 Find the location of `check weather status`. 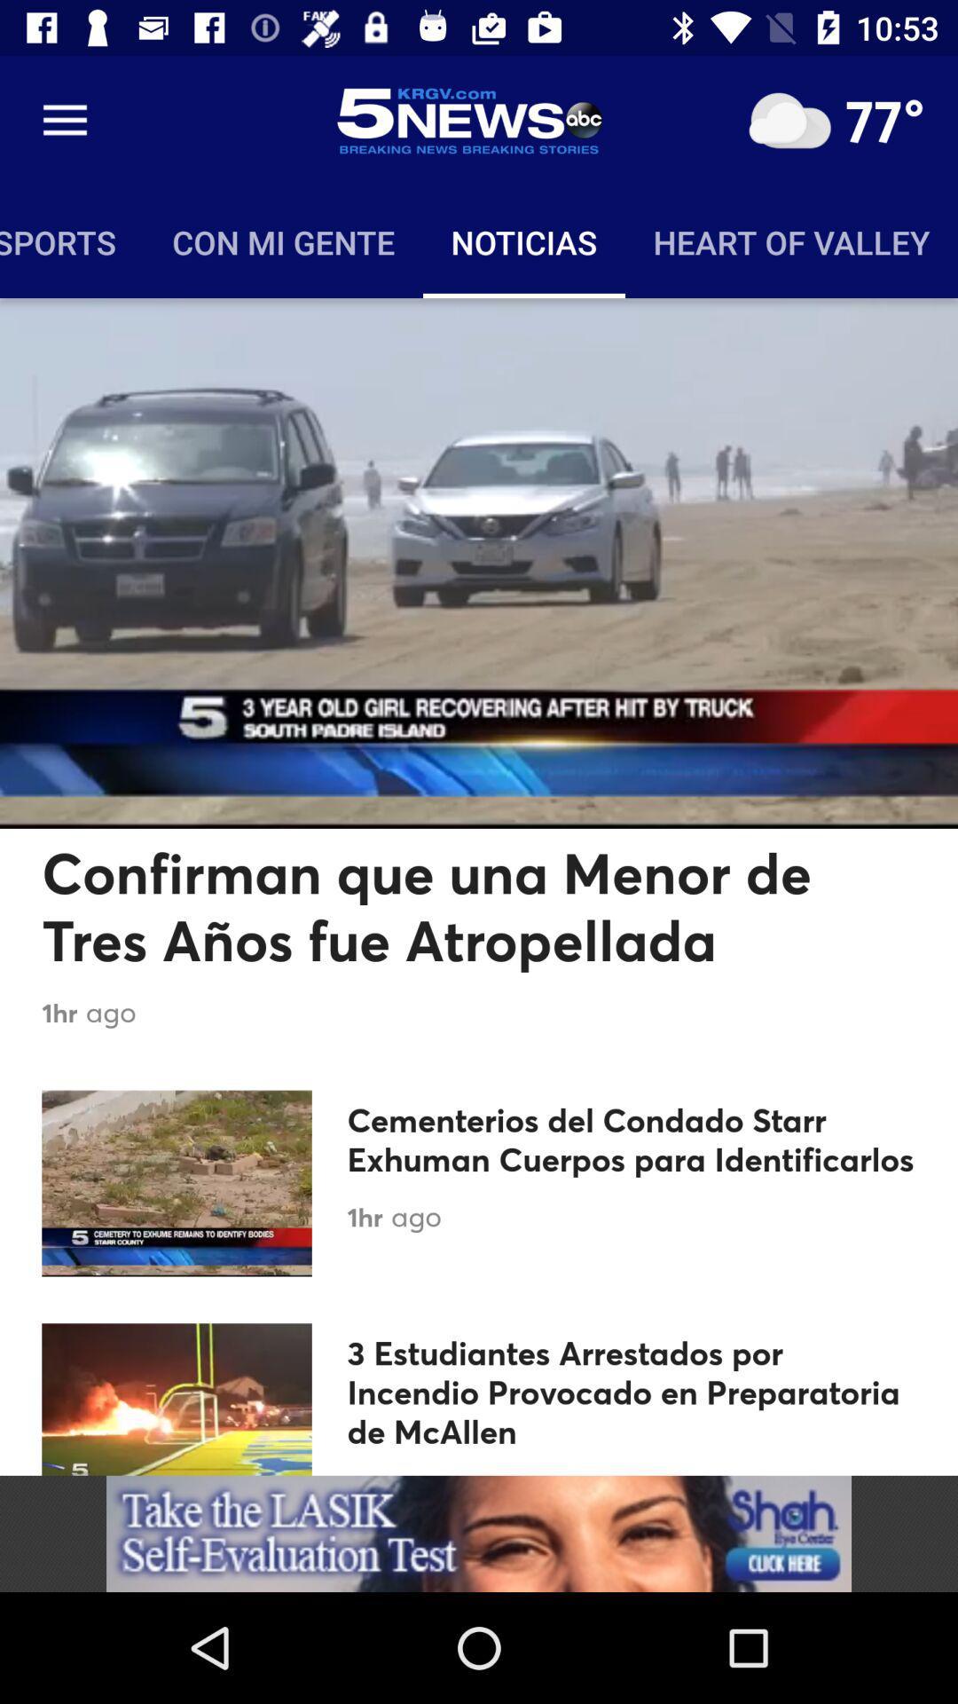

check weather status is located at coordinates (789, 120).